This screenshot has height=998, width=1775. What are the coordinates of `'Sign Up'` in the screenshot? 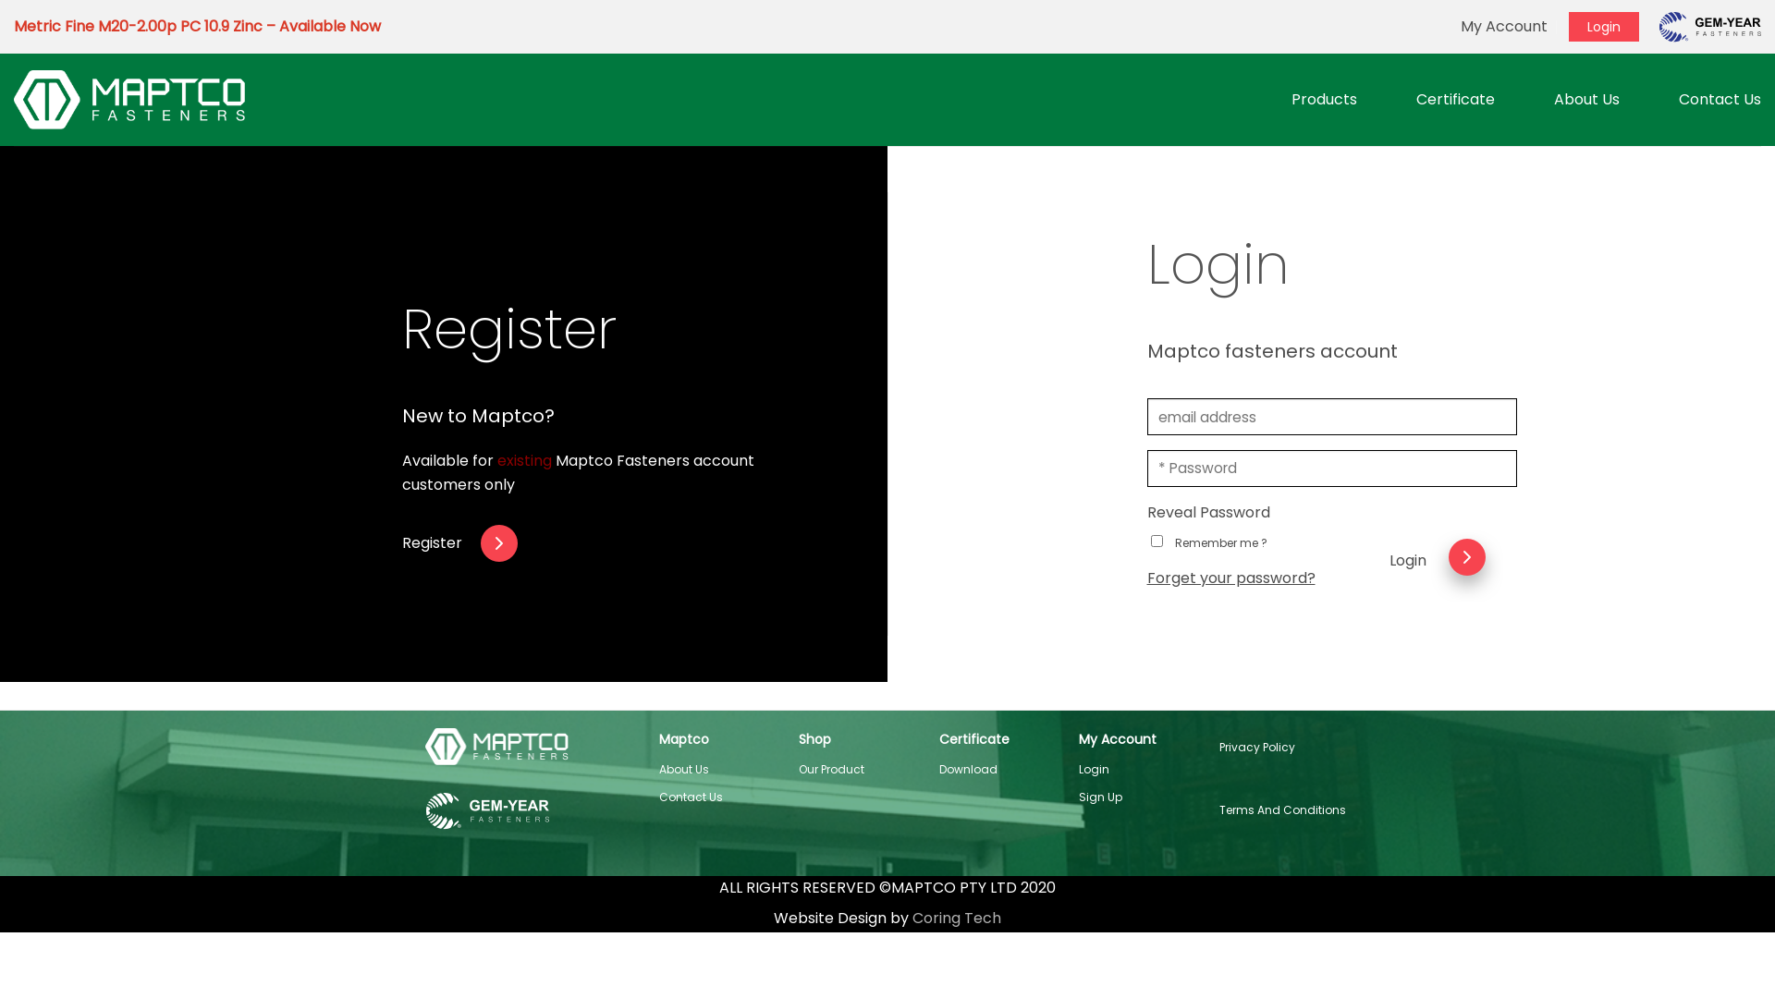 It's located at (1100, 796).